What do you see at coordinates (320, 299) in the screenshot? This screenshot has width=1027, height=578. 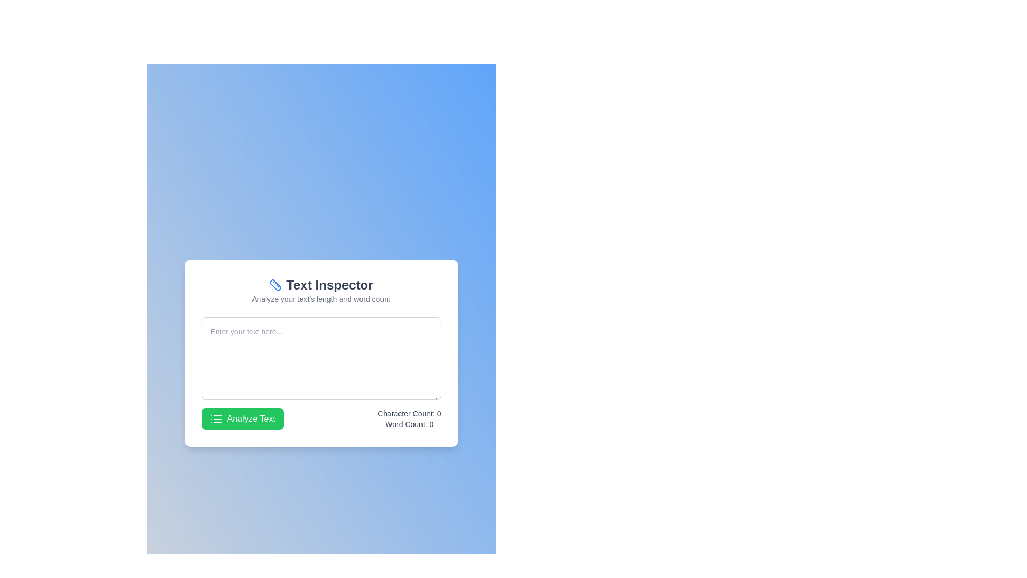 I see `the Text Label that provides guidance for the 'Text Inspector' feature, which is positioned beneath the heading 'Text Inspector' and above the text input field` at bounding box center [320, 299].